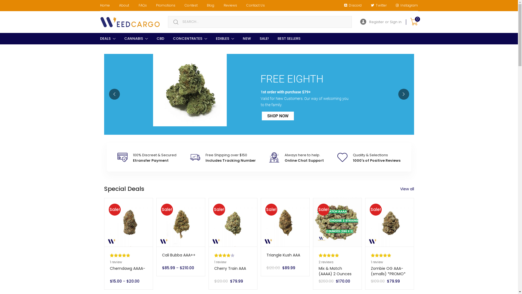 The height and width of the screenshot is (294, 522). I want to click on 'Instagram', so click(407, 5).